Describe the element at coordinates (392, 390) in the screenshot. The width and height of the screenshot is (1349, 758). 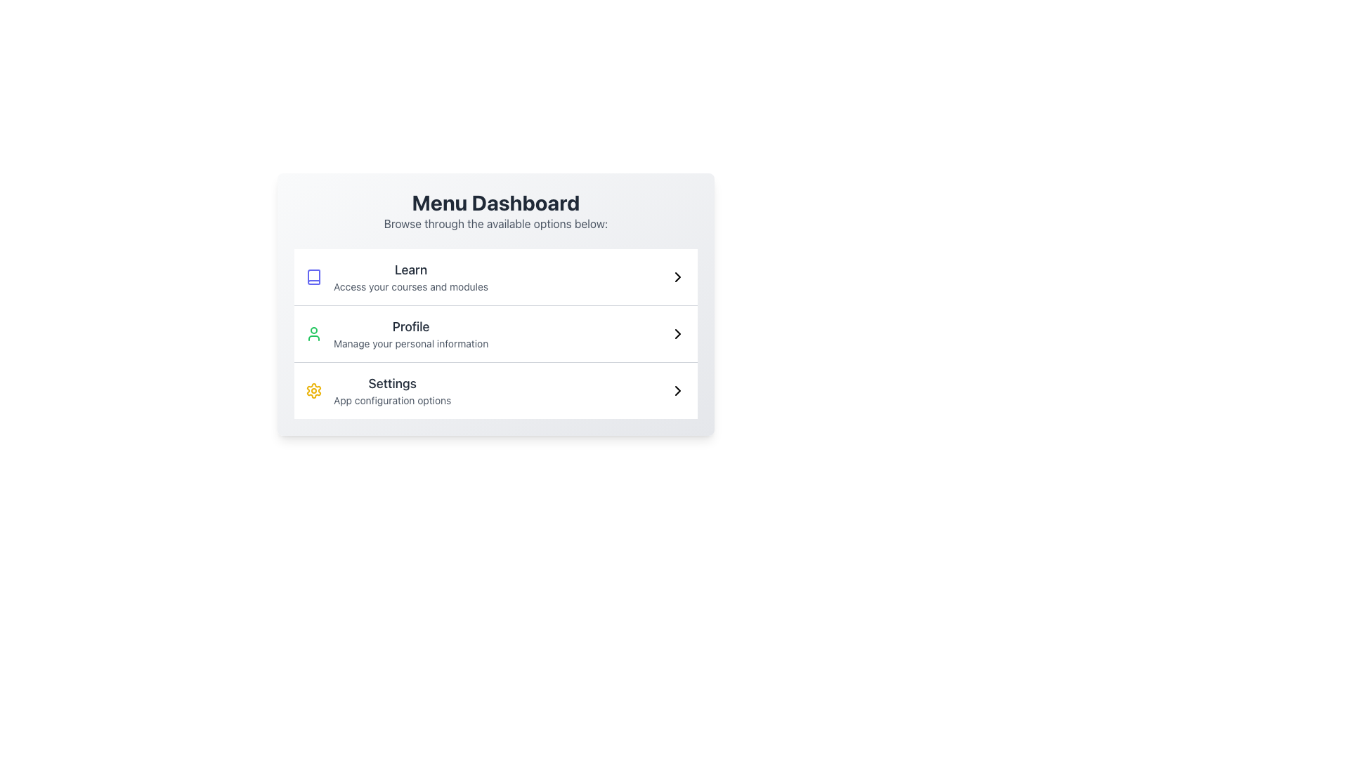
I see `the 'Settings' text label, which features bold dark gray text and smaller lighter gray text for app configuration options, positioned as the third option in the Menu Dashboard` at that location.